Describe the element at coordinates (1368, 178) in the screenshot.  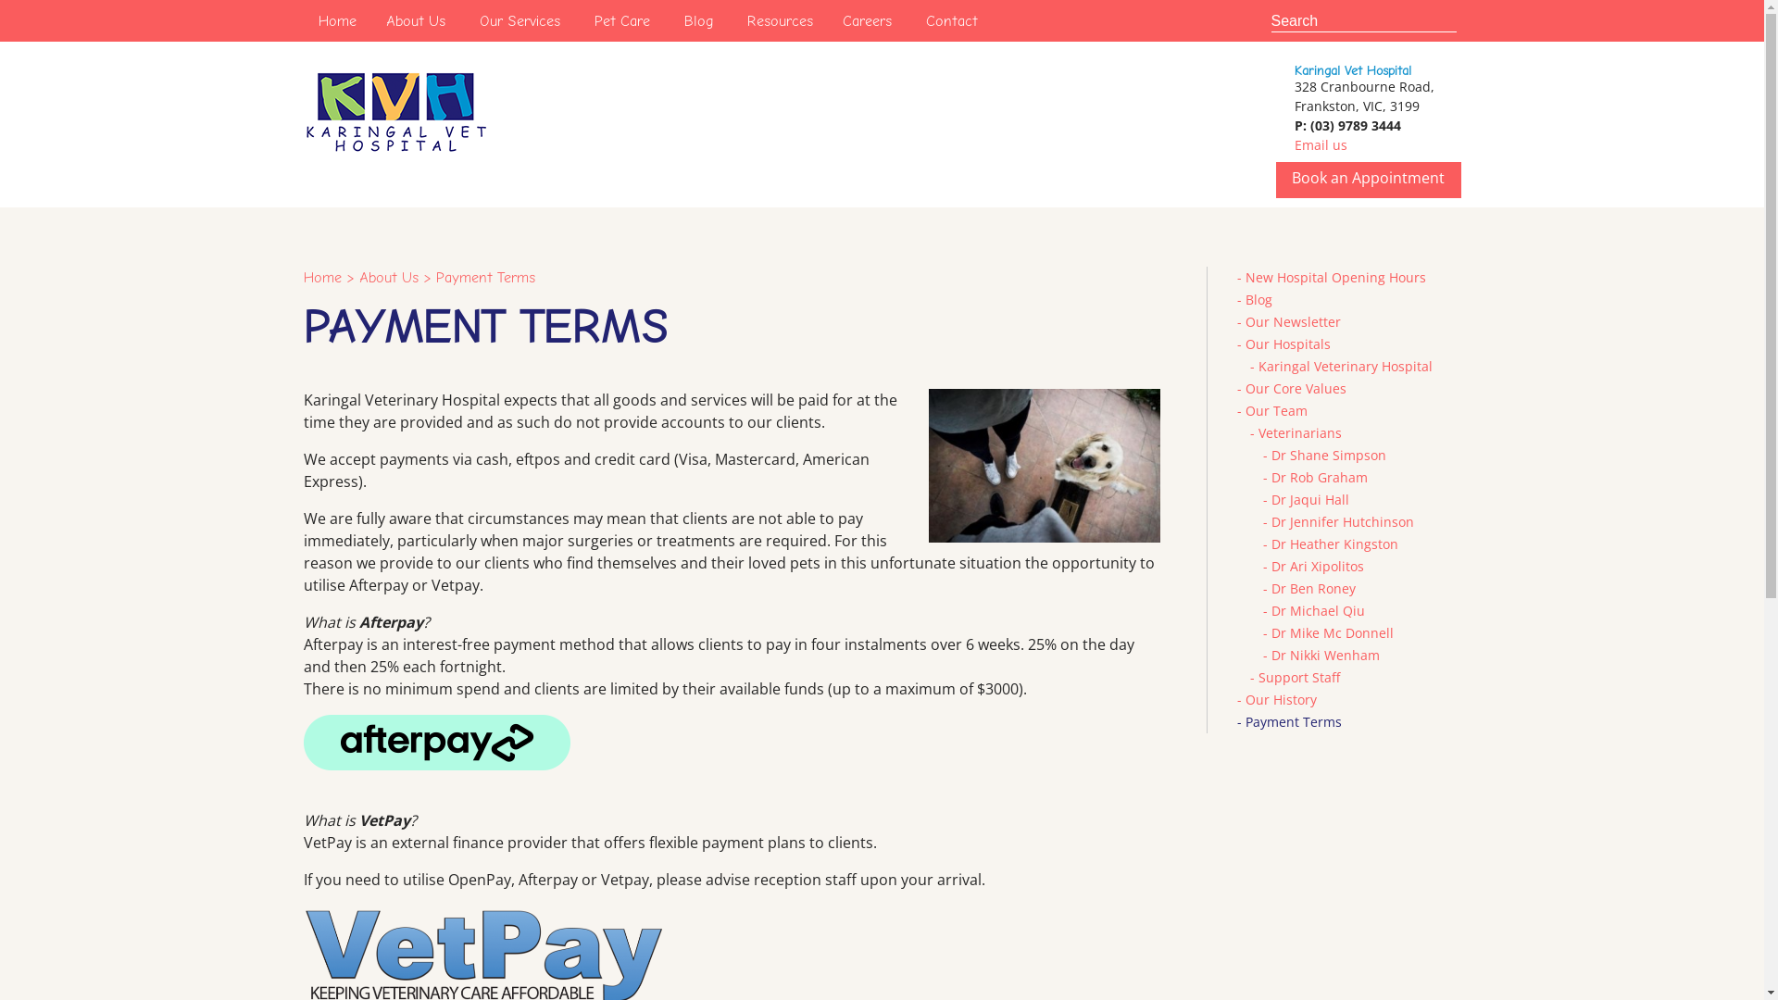
I see `'Book an Appointment'` at that location.